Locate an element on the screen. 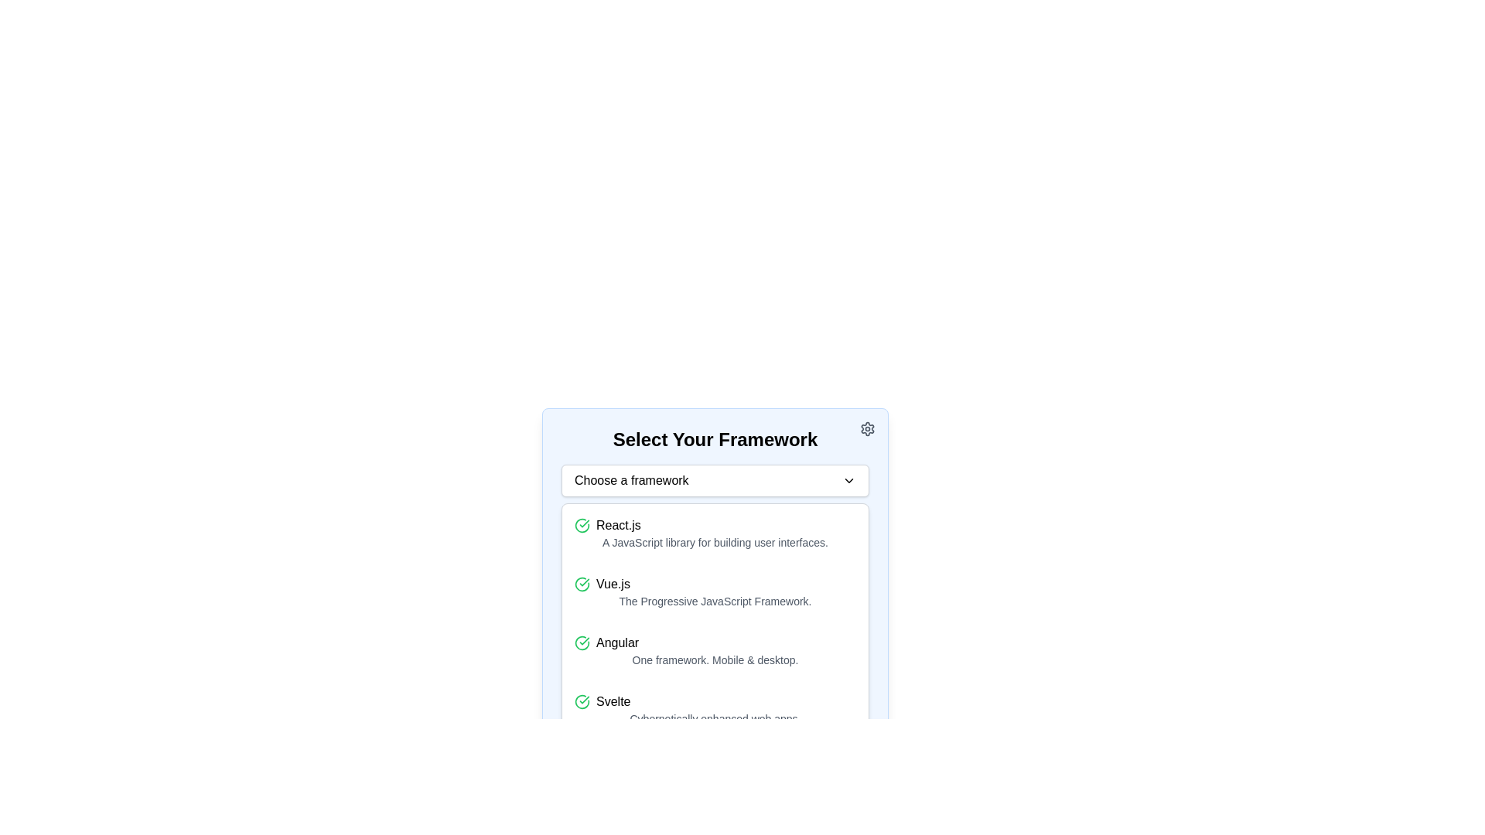  the icon button resembling a gray cogwheel located is located at coordinates (868, 429).